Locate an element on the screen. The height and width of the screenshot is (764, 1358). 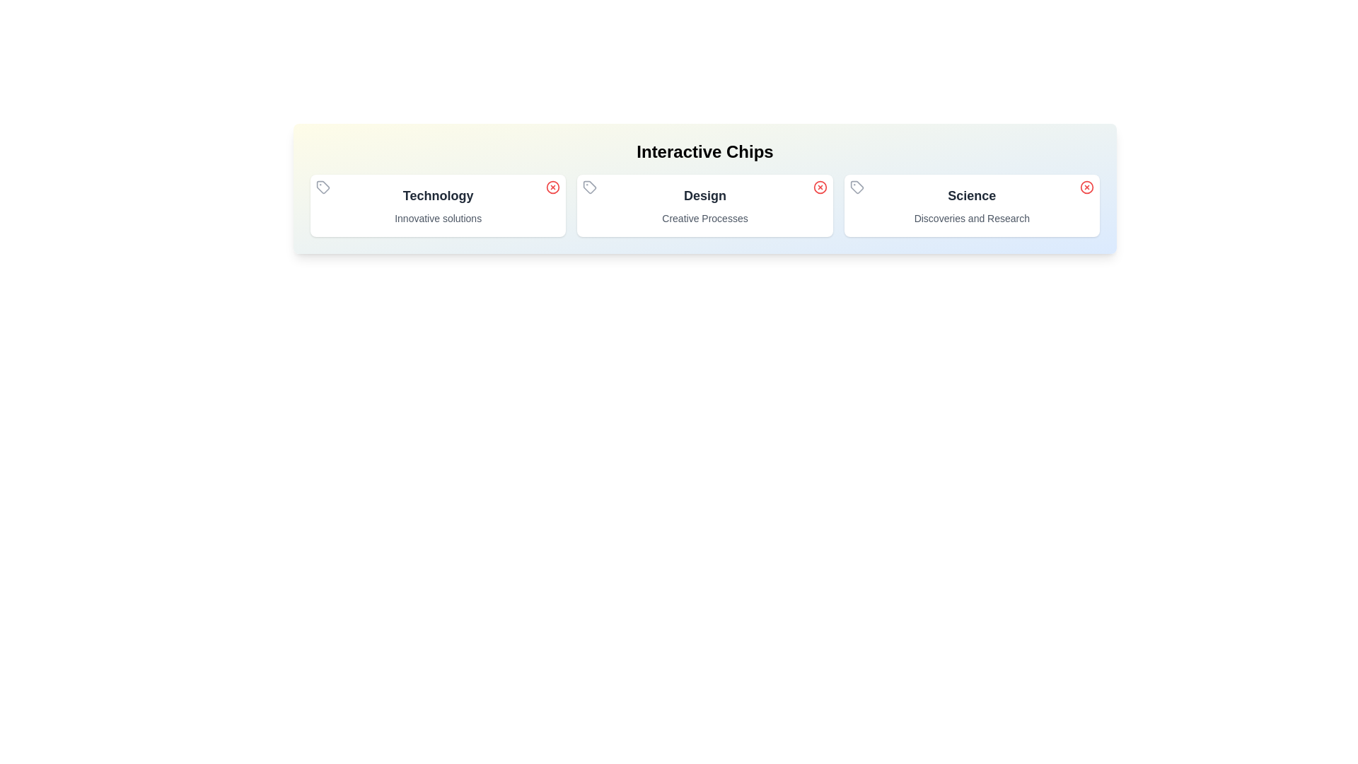
the icon of the chip labeled Technology is located at coordinates (322, 187).